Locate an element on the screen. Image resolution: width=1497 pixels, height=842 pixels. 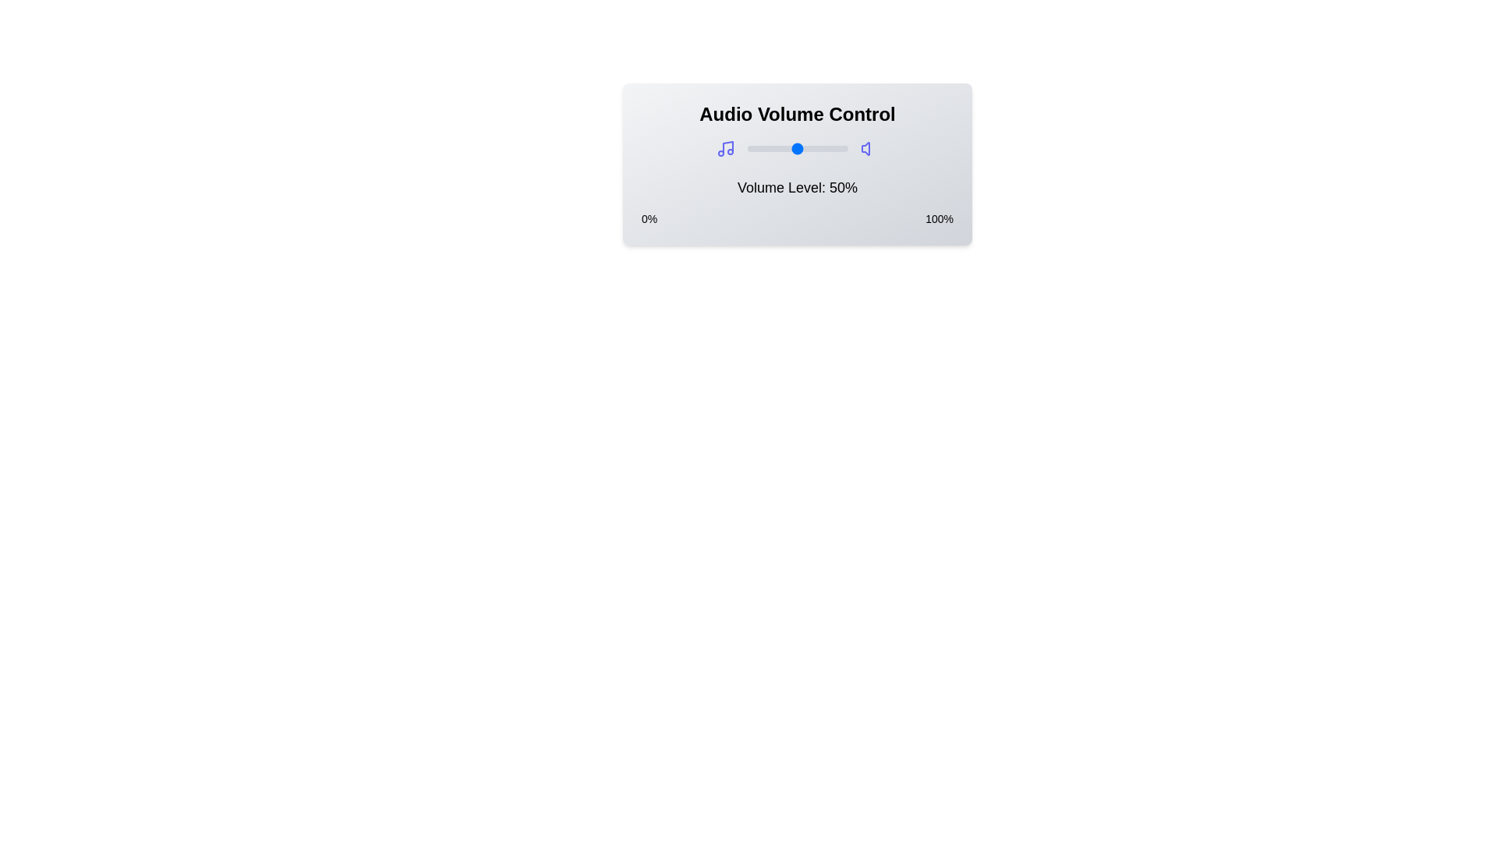
the music icon to interact with it is located at coordinates (724, 149).